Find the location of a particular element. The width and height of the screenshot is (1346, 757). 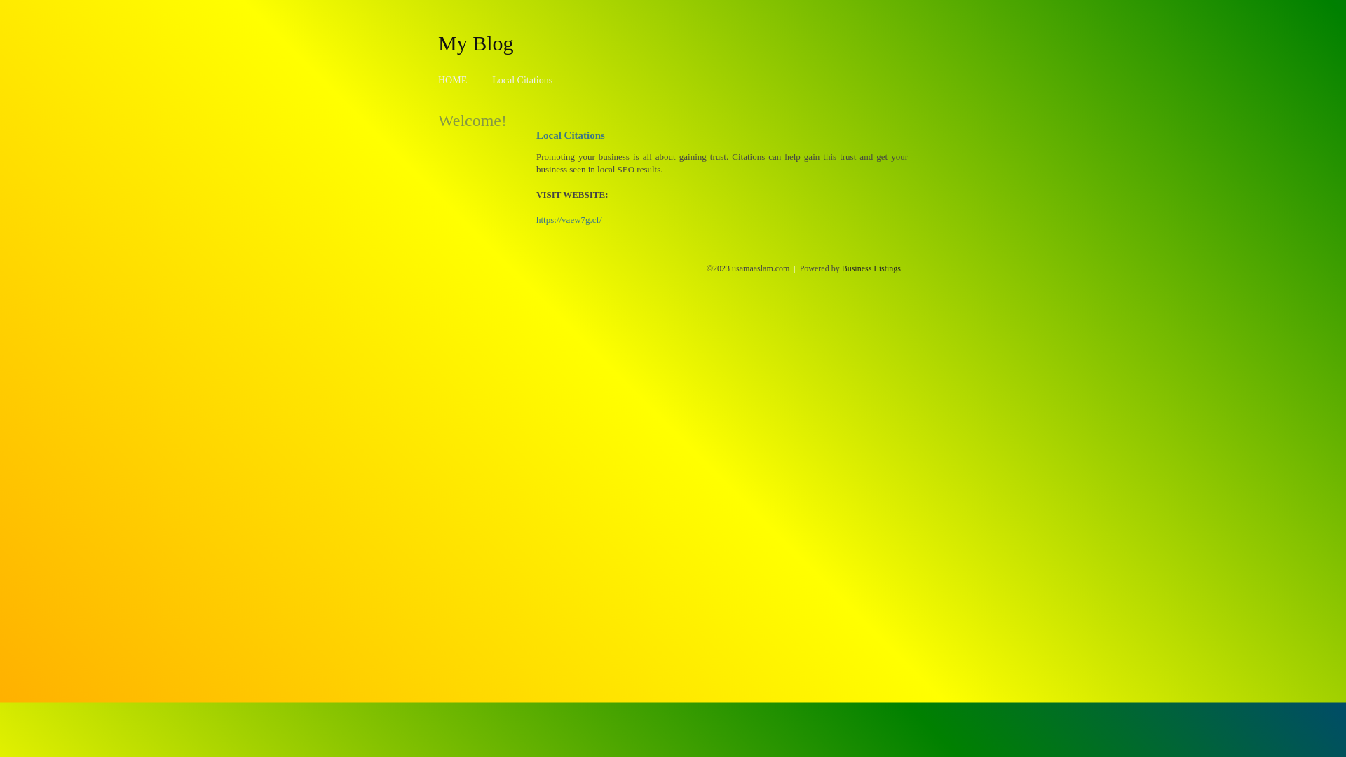

'https://vaew7g.cf/' is located at coordinates (569, 219).